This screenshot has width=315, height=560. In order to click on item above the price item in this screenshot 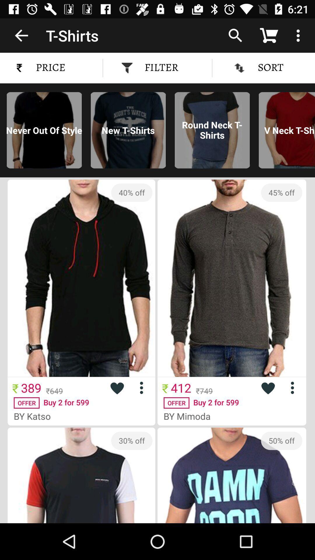, I will do `click(21, 35)`.